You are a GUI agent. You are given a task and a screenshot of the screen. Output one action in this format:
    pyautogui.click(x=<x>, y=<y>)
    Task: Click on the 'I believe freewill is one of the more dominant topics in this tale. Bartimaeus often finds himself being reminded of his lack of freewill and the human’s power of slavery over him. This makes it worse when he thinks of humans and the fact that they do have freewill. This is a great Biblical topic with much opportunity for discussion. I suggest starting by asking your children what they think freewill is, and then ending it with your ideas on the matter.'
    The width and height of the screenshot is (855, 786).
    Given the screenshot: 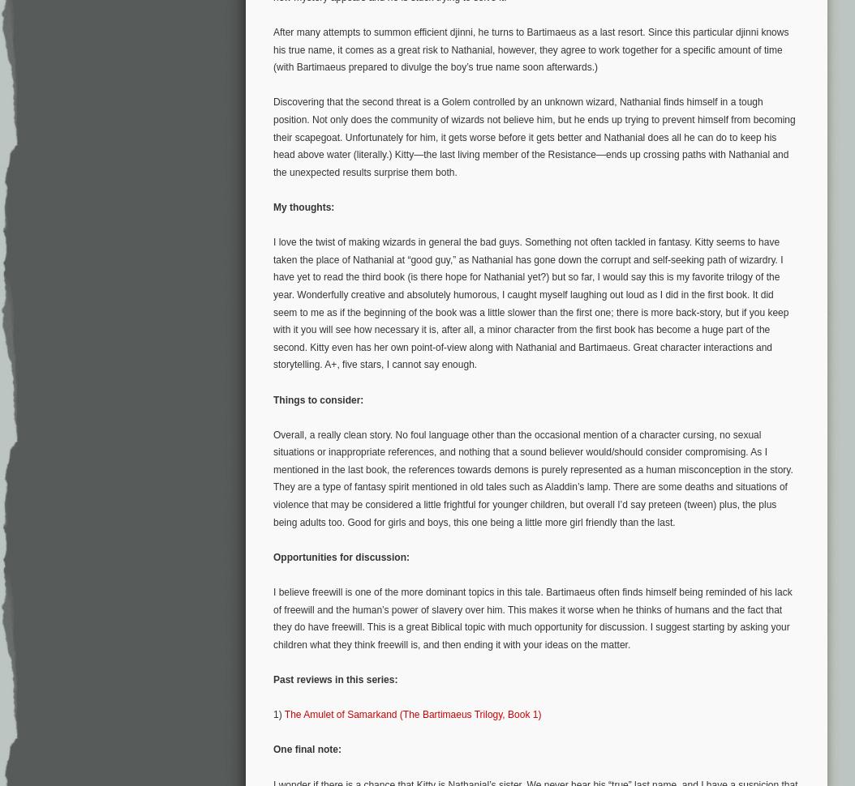 What is the action you would take?
    pyautogui.click(x=532, y=617)
    